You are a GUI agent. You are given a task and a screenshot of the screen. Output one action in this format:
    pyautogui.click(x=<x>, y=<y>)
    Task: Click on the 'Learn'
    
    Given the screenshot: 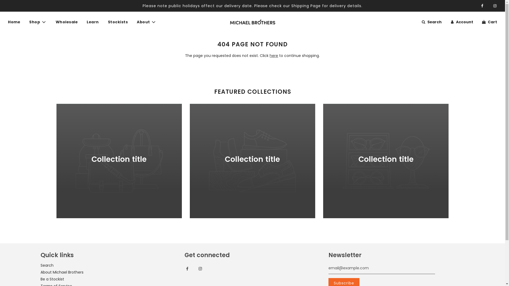 What is the action you would take?
    pyautogui.click(x=93, y=22)
    